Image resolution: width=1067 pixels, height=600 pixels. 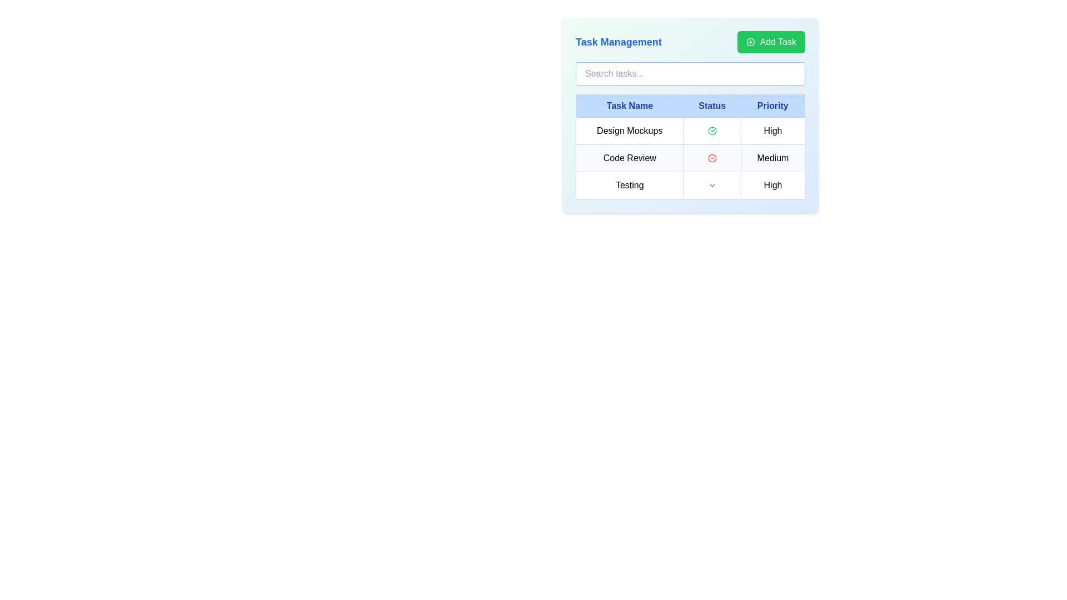 What do you see at coordinates (712, 185) in the screenshot?
I see `the downward-facing chevron icon located` at bounding box center [712, 185].